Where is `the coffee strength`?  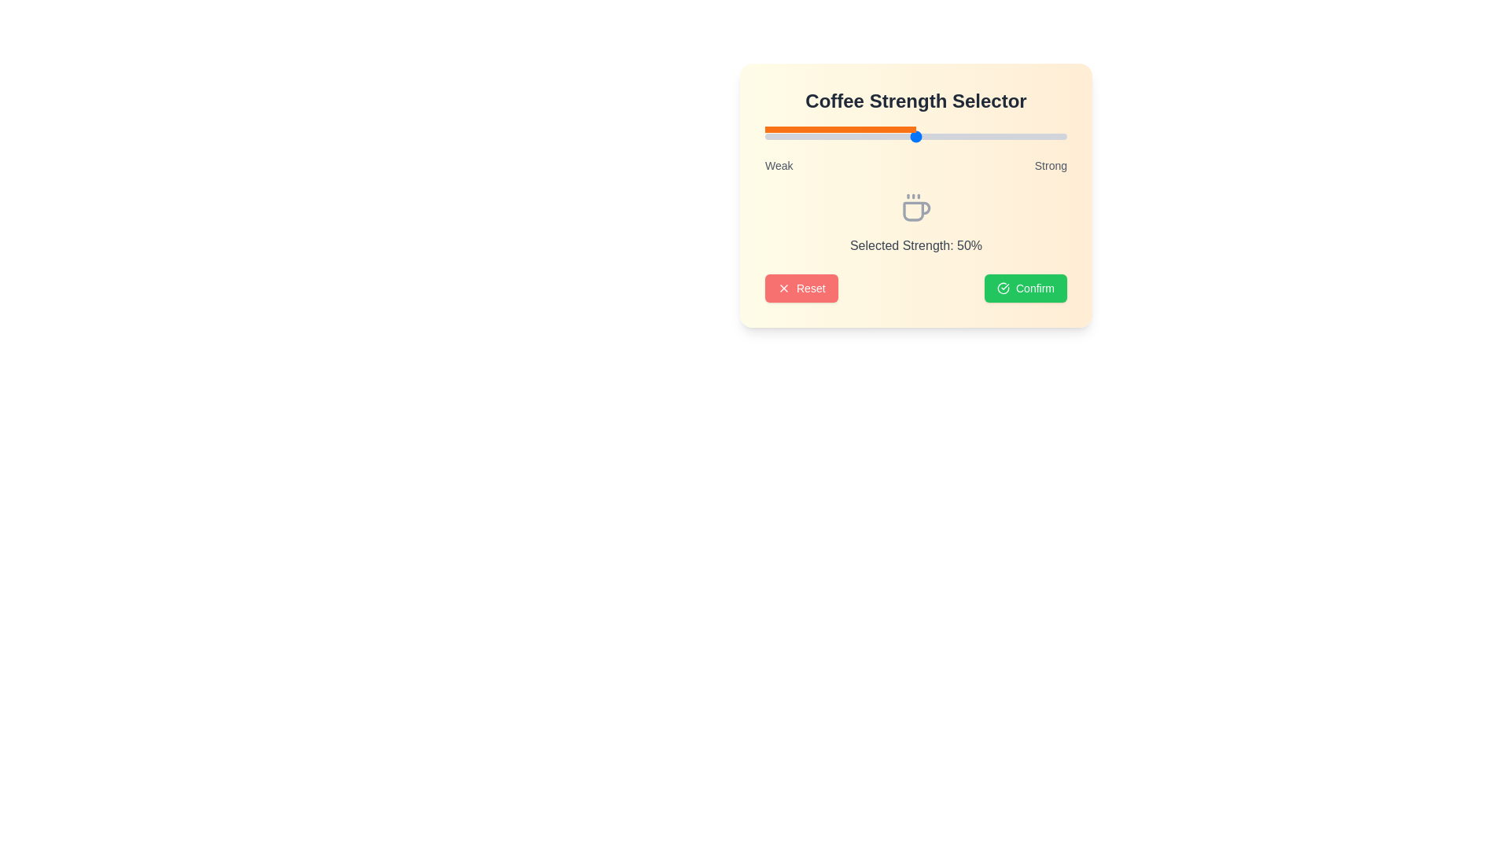 the coffee strength is located at coordinates (1015, 135).